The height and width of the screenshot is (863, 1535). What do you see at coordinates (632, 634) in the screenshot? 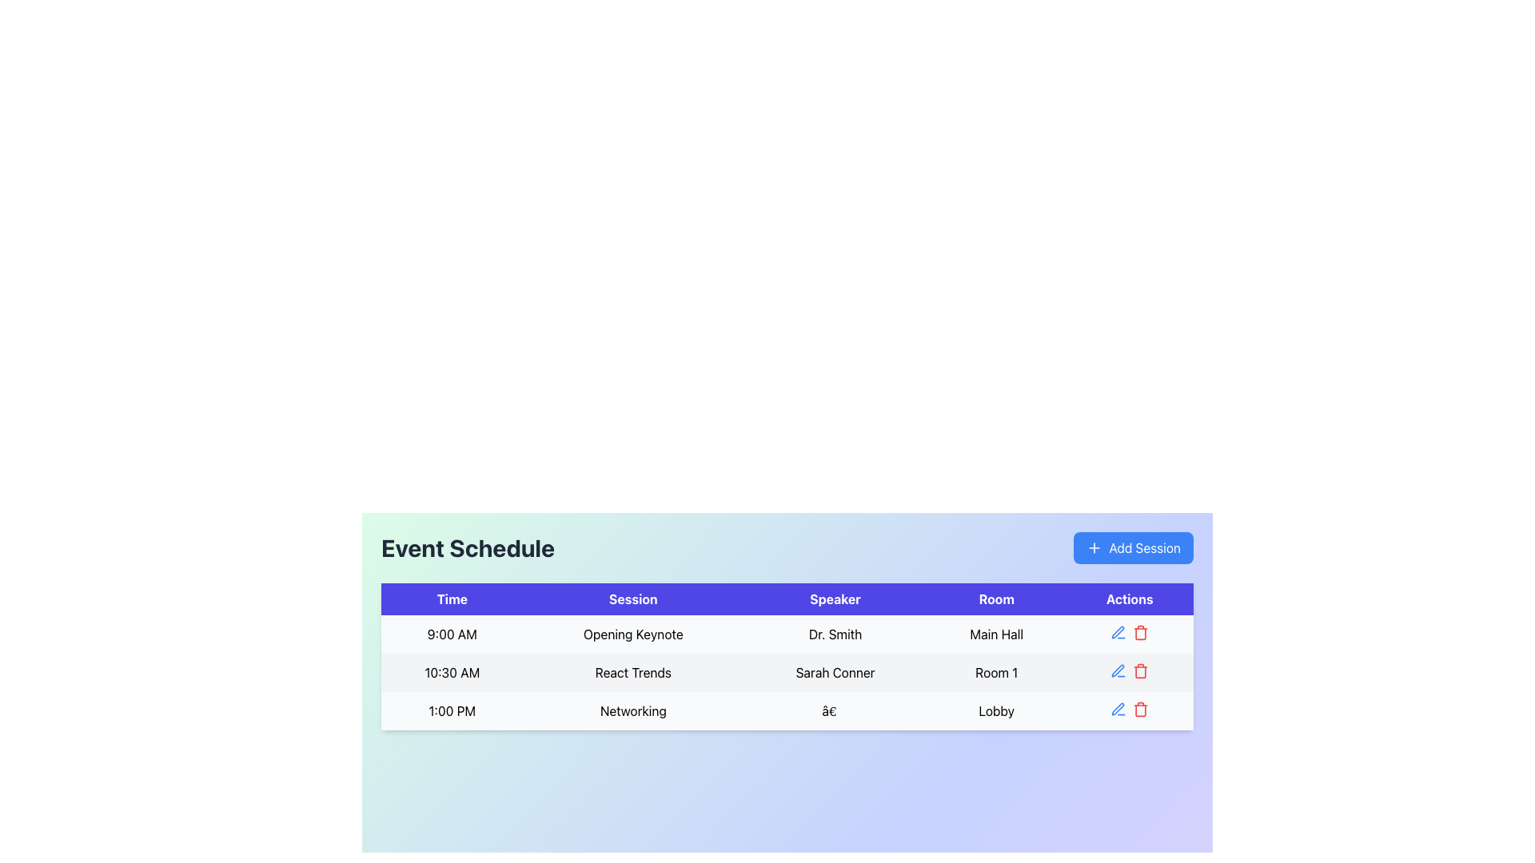
I see `the text label that presents the title of a session in the schedule, located in the second column of the first row under the heading 'Session', centered between the cells containing '9:00 AM' and 'Dr. Smith'` at bounding box center [632, 634].